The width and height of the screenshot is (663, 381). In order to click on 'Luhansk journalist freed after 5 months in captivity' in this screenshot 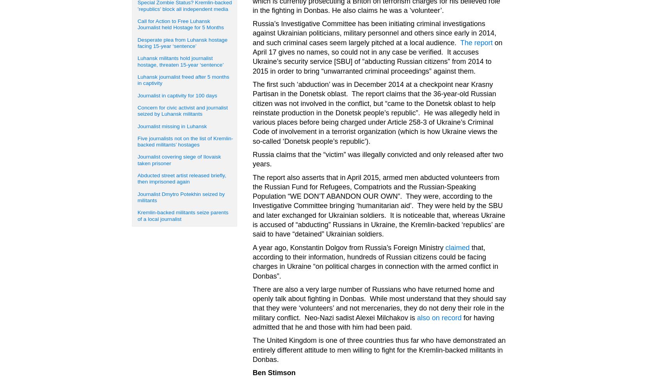, I will do `click(183, 79)`.